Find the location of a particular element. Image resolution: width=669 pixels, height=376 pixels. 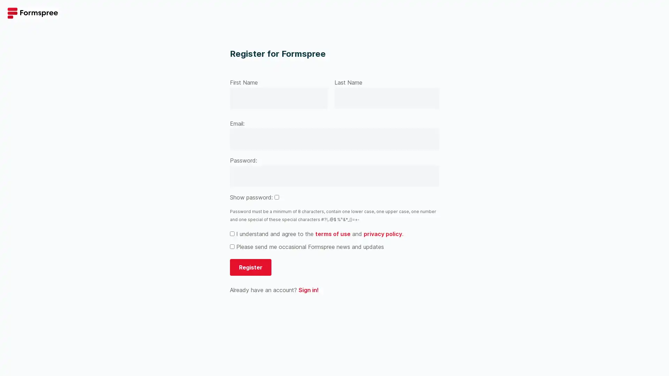

Register is located at coordinates (251, 267).